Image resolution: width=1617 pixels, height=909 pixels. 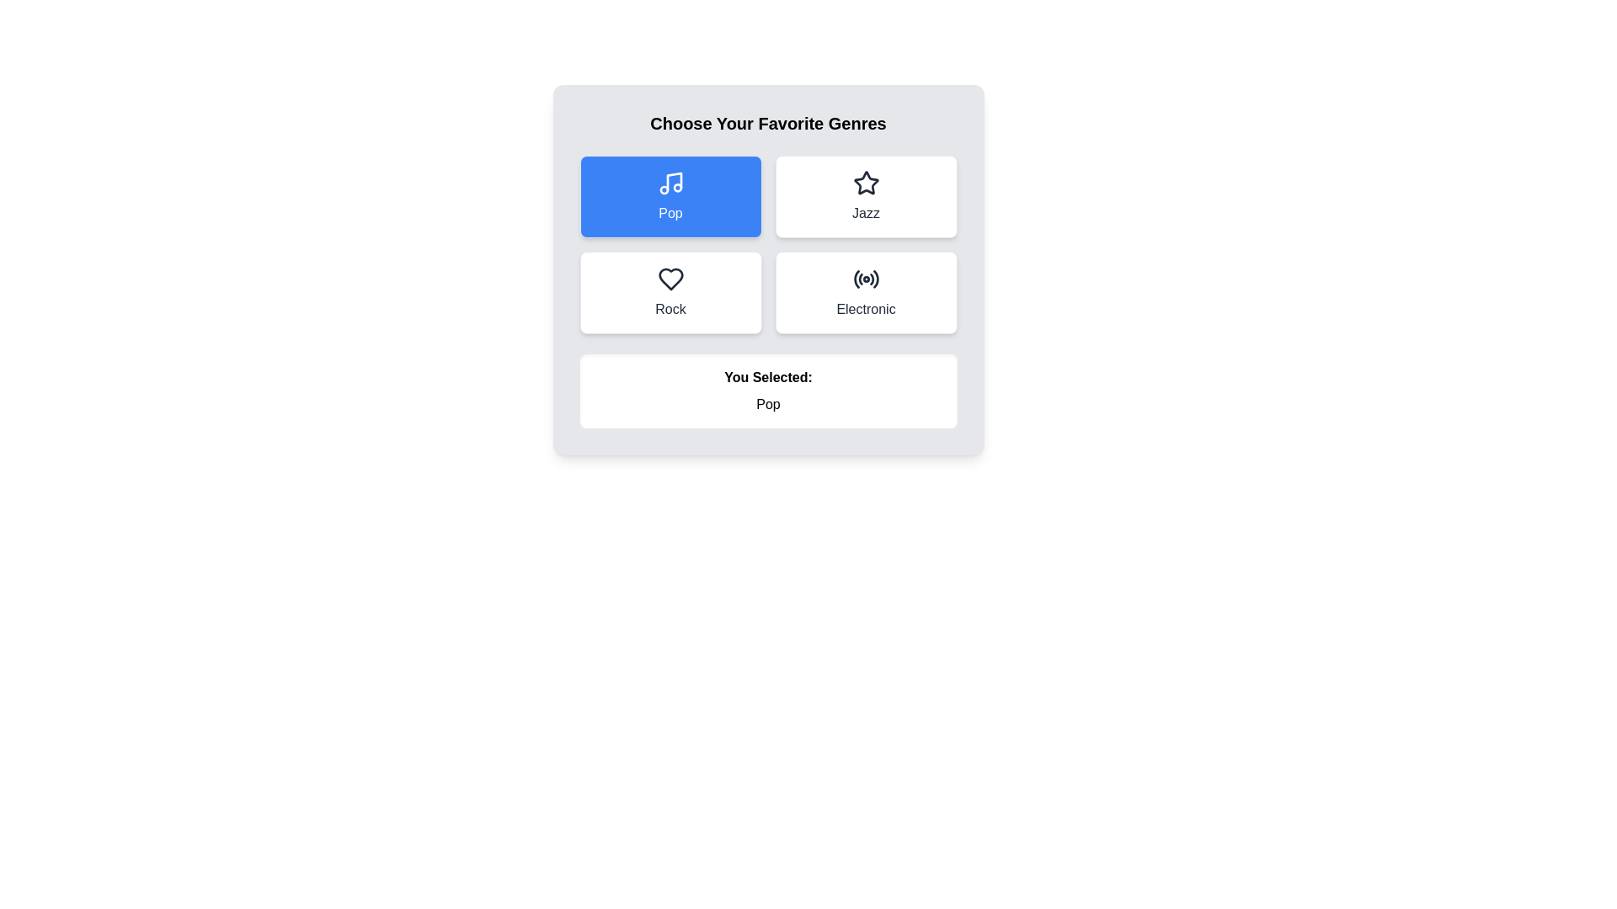 I want to click on the genre Rock by clicking its button, so click(x=670, y=291).